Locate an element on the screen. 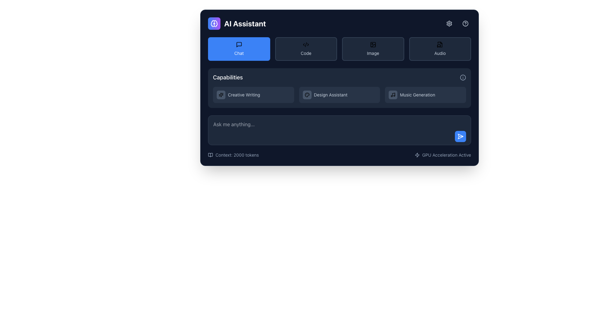  the information displayed by the icon located in the lower-left part of the interface, adjacent to the label 'Context: 2000 tokens' is located at coordinates (210, 155).